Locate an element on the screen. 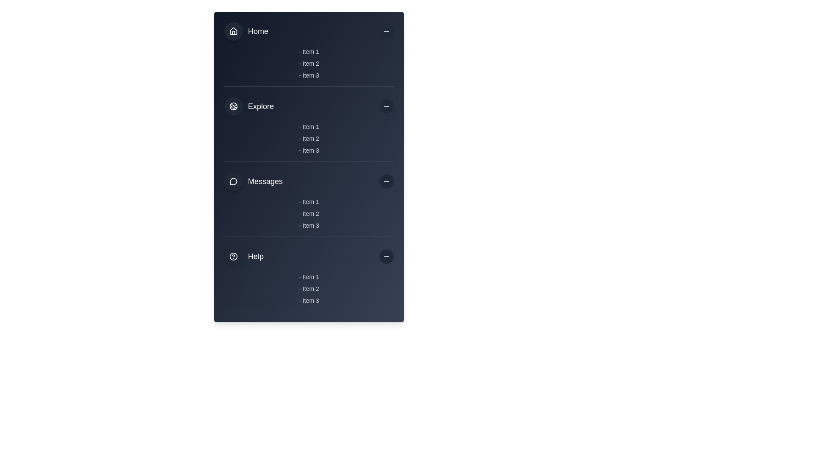 The image size is (814, 458). the 'Explore' menu item located in the sidebar navigation menu, which features a globe-like icon and is positioned below the 'Home' menu item is located at coordinates (248, 106).